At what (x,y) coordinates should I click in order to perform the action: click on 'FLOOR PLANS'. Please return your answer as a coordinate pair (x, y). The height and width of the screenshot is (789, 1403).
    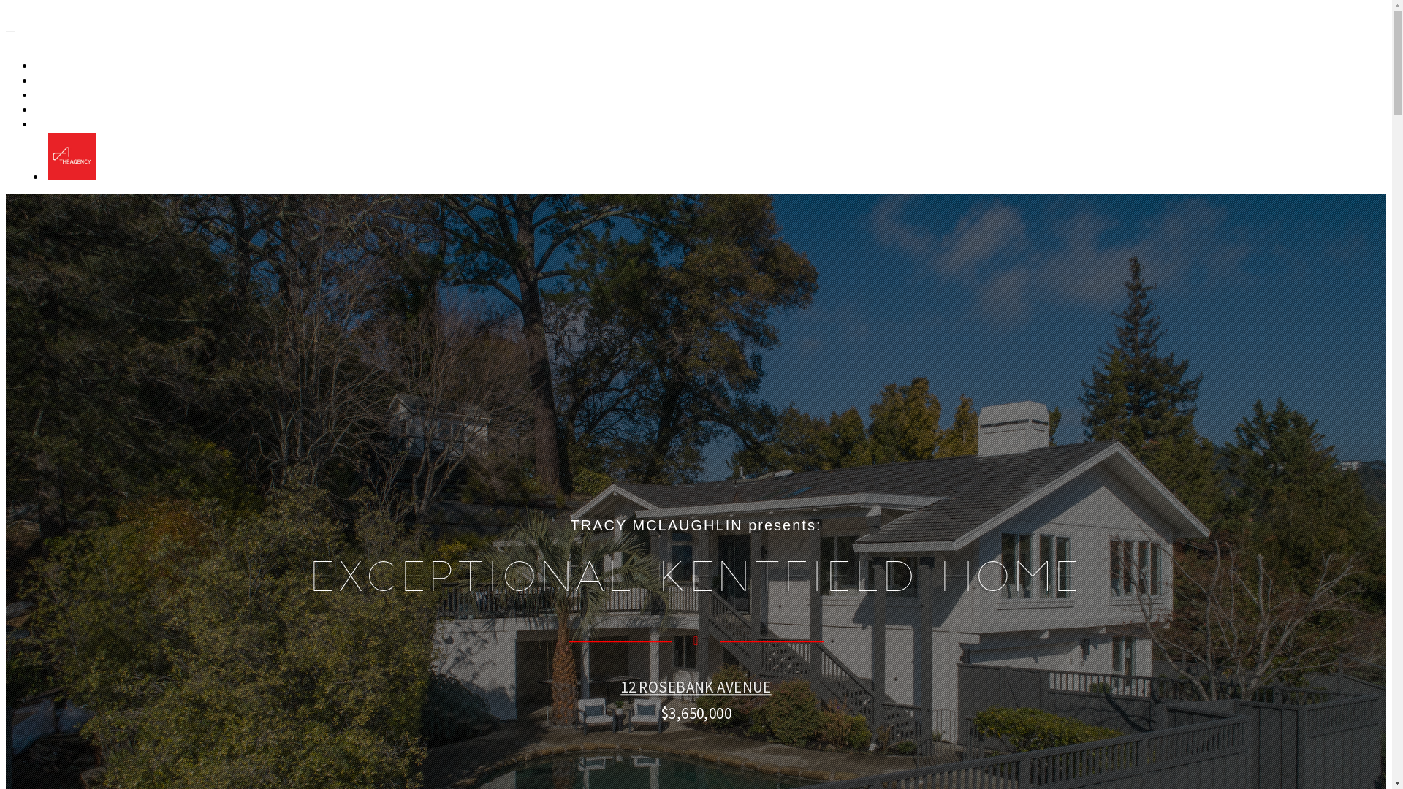
    Looking at the image, I should click on (75, 80).